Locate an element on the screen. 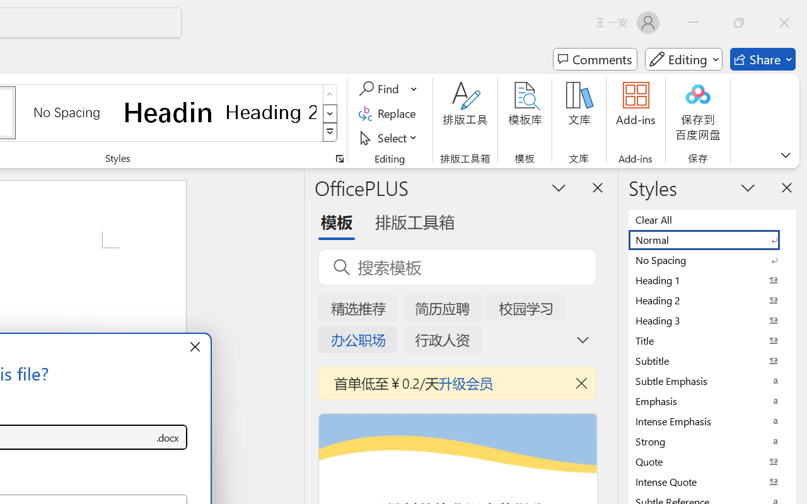 Image resolution: width=807 pixels, height=504 pixels. 'Minimize' is located at coordinates (693, 22).